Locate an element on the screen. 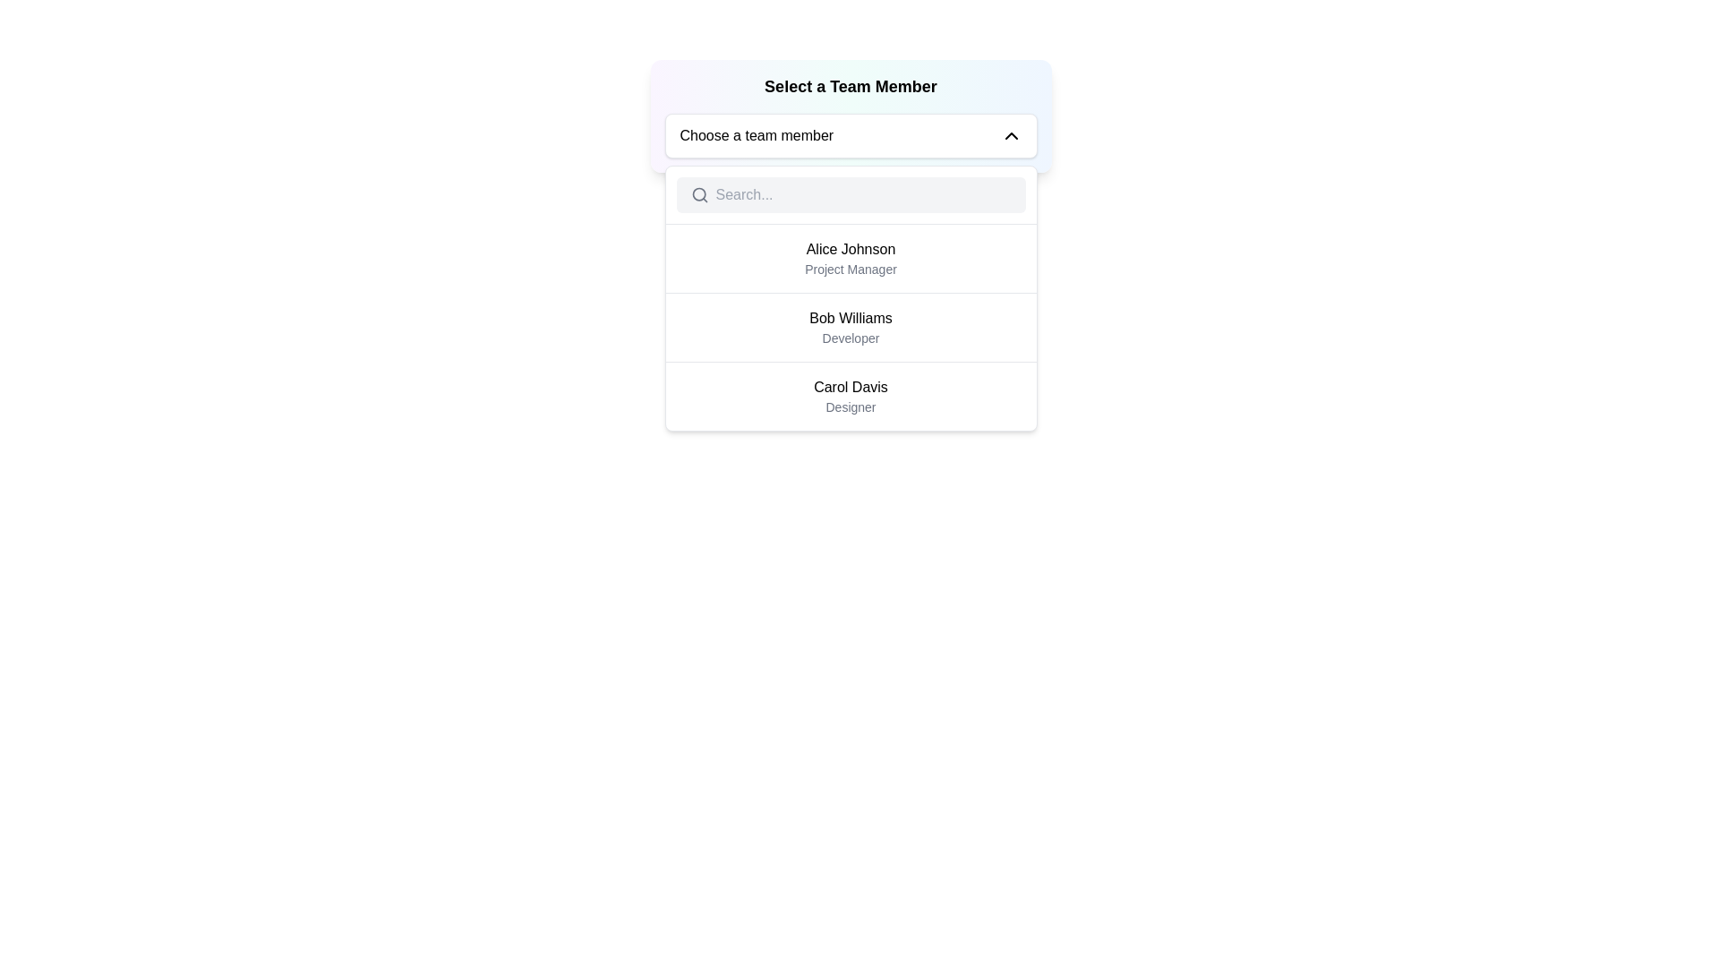  the input field of the Search box located directly below the dropdown selection section to focus on it is located at coordinates (850, 195).